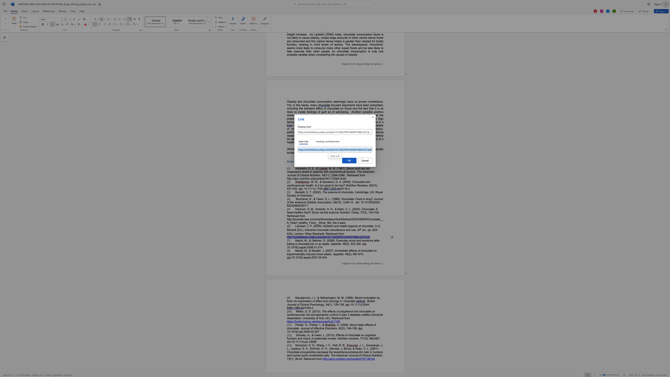 The height and width of the screenshot is (377, 670). What do you see at coordinates (306, 318) in the screenshot?
I see `the 3th character "i" in the text` at bounding box center [306, 318].